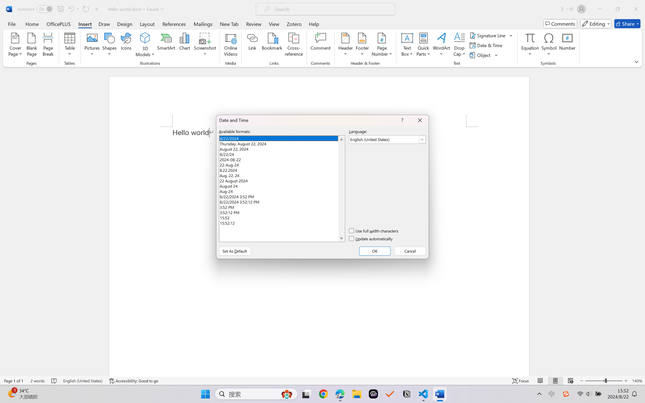  Describe the element at coordinates (560, 23) in the screenshot. I see `'Comments'` at that location.